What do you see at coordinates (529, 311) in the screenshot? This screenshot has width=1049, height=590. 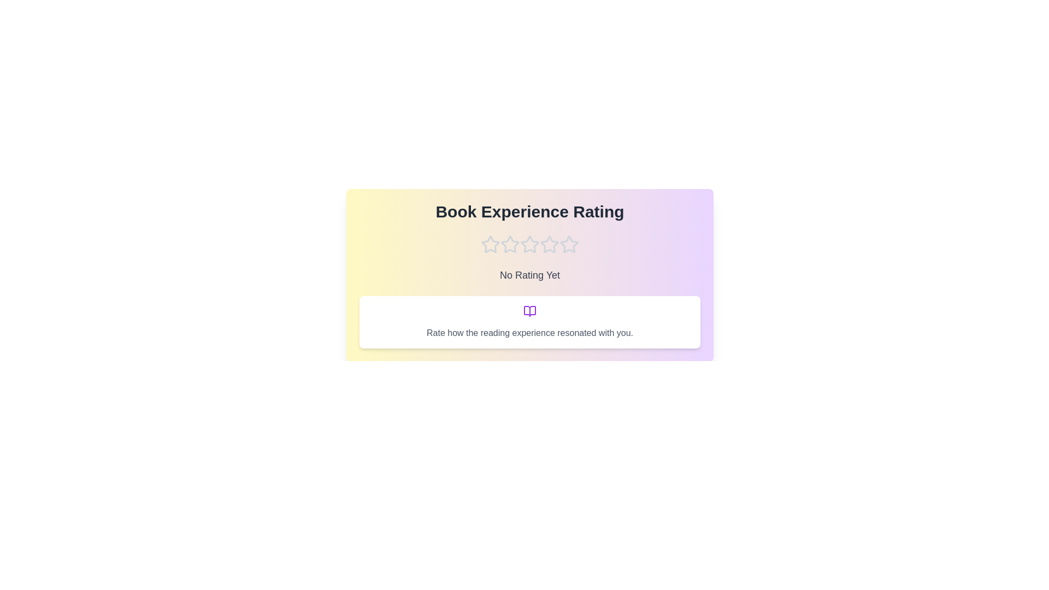 I see `the decorative icon below the rating explanation` at bounding box center [529, 311].